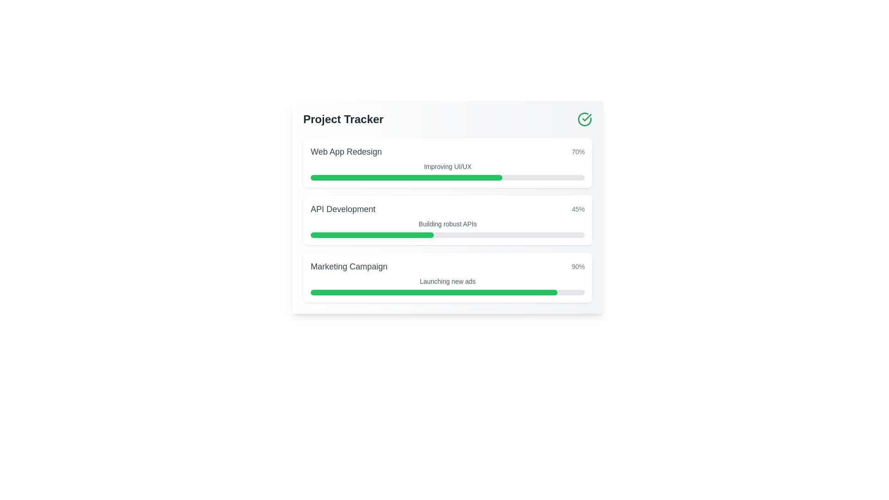 The width and height of the screenshot is (889, 500). Describe the element at coordinates (447, 220) in the screenshot. I see `project name 'API Development' and the description 'Building robust APIs' from the progress tracking card with a white background and rounded edges, located in the second position of the vertical list` at that location.